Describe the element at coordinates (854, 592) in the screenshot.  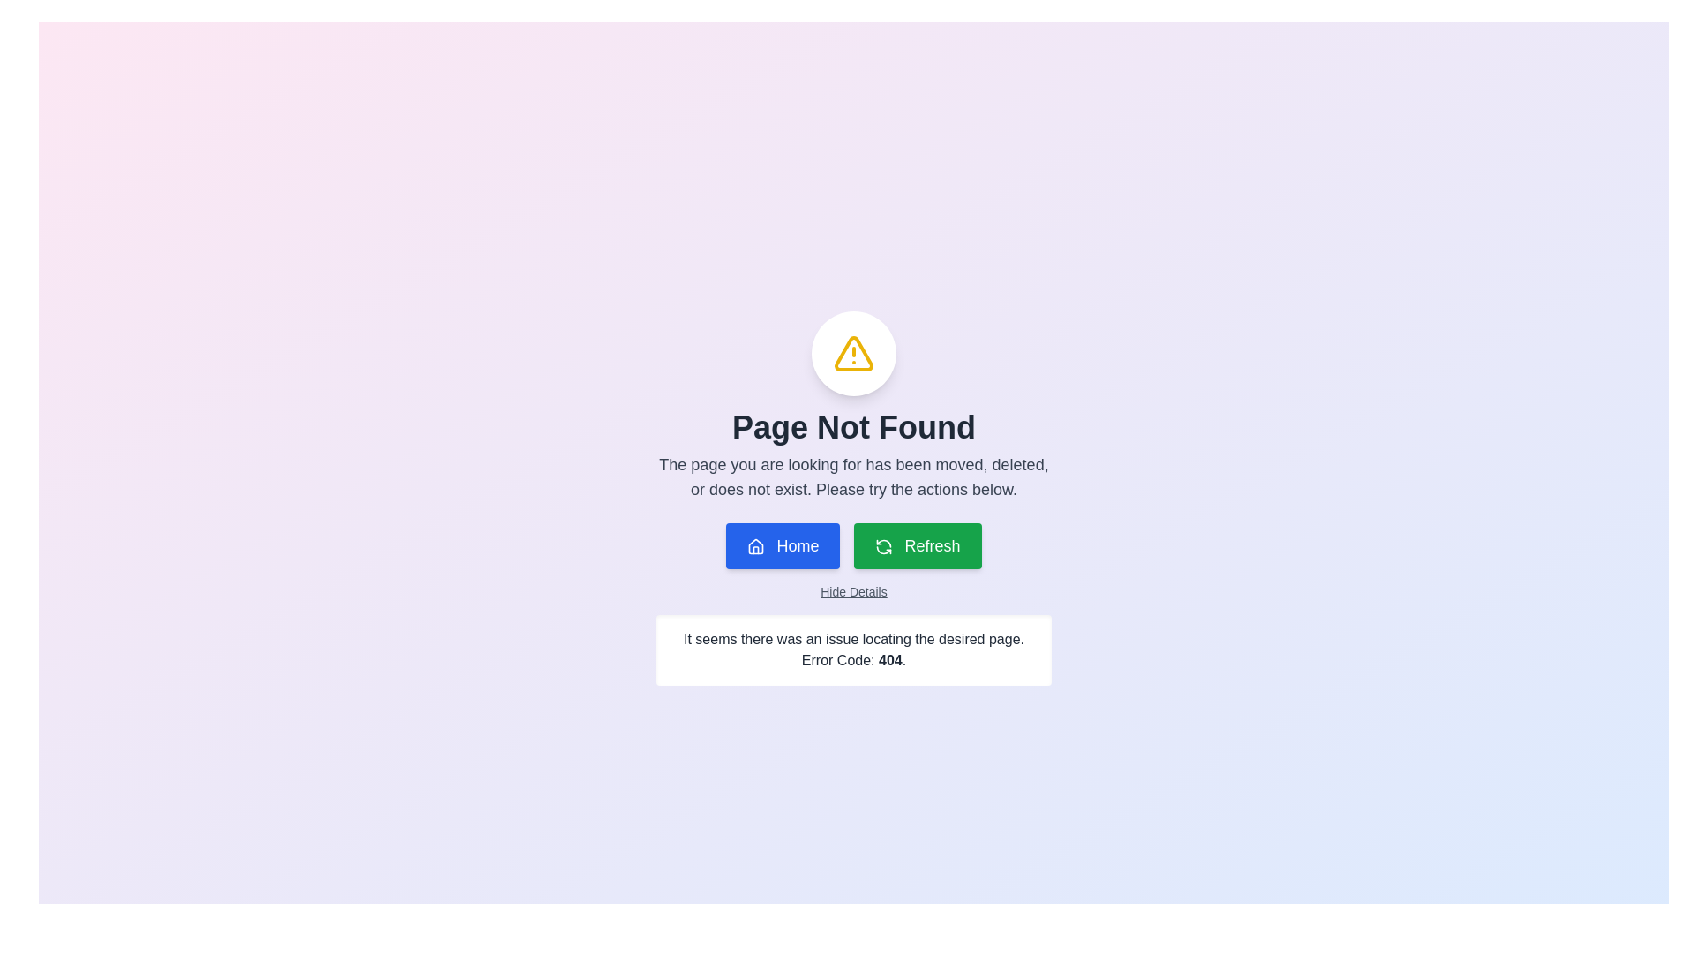
I see `the toggle link that hides additional details of a displayed message, located below the 'Home' and 'Refresh' buttons, to observe the style change` at that location.